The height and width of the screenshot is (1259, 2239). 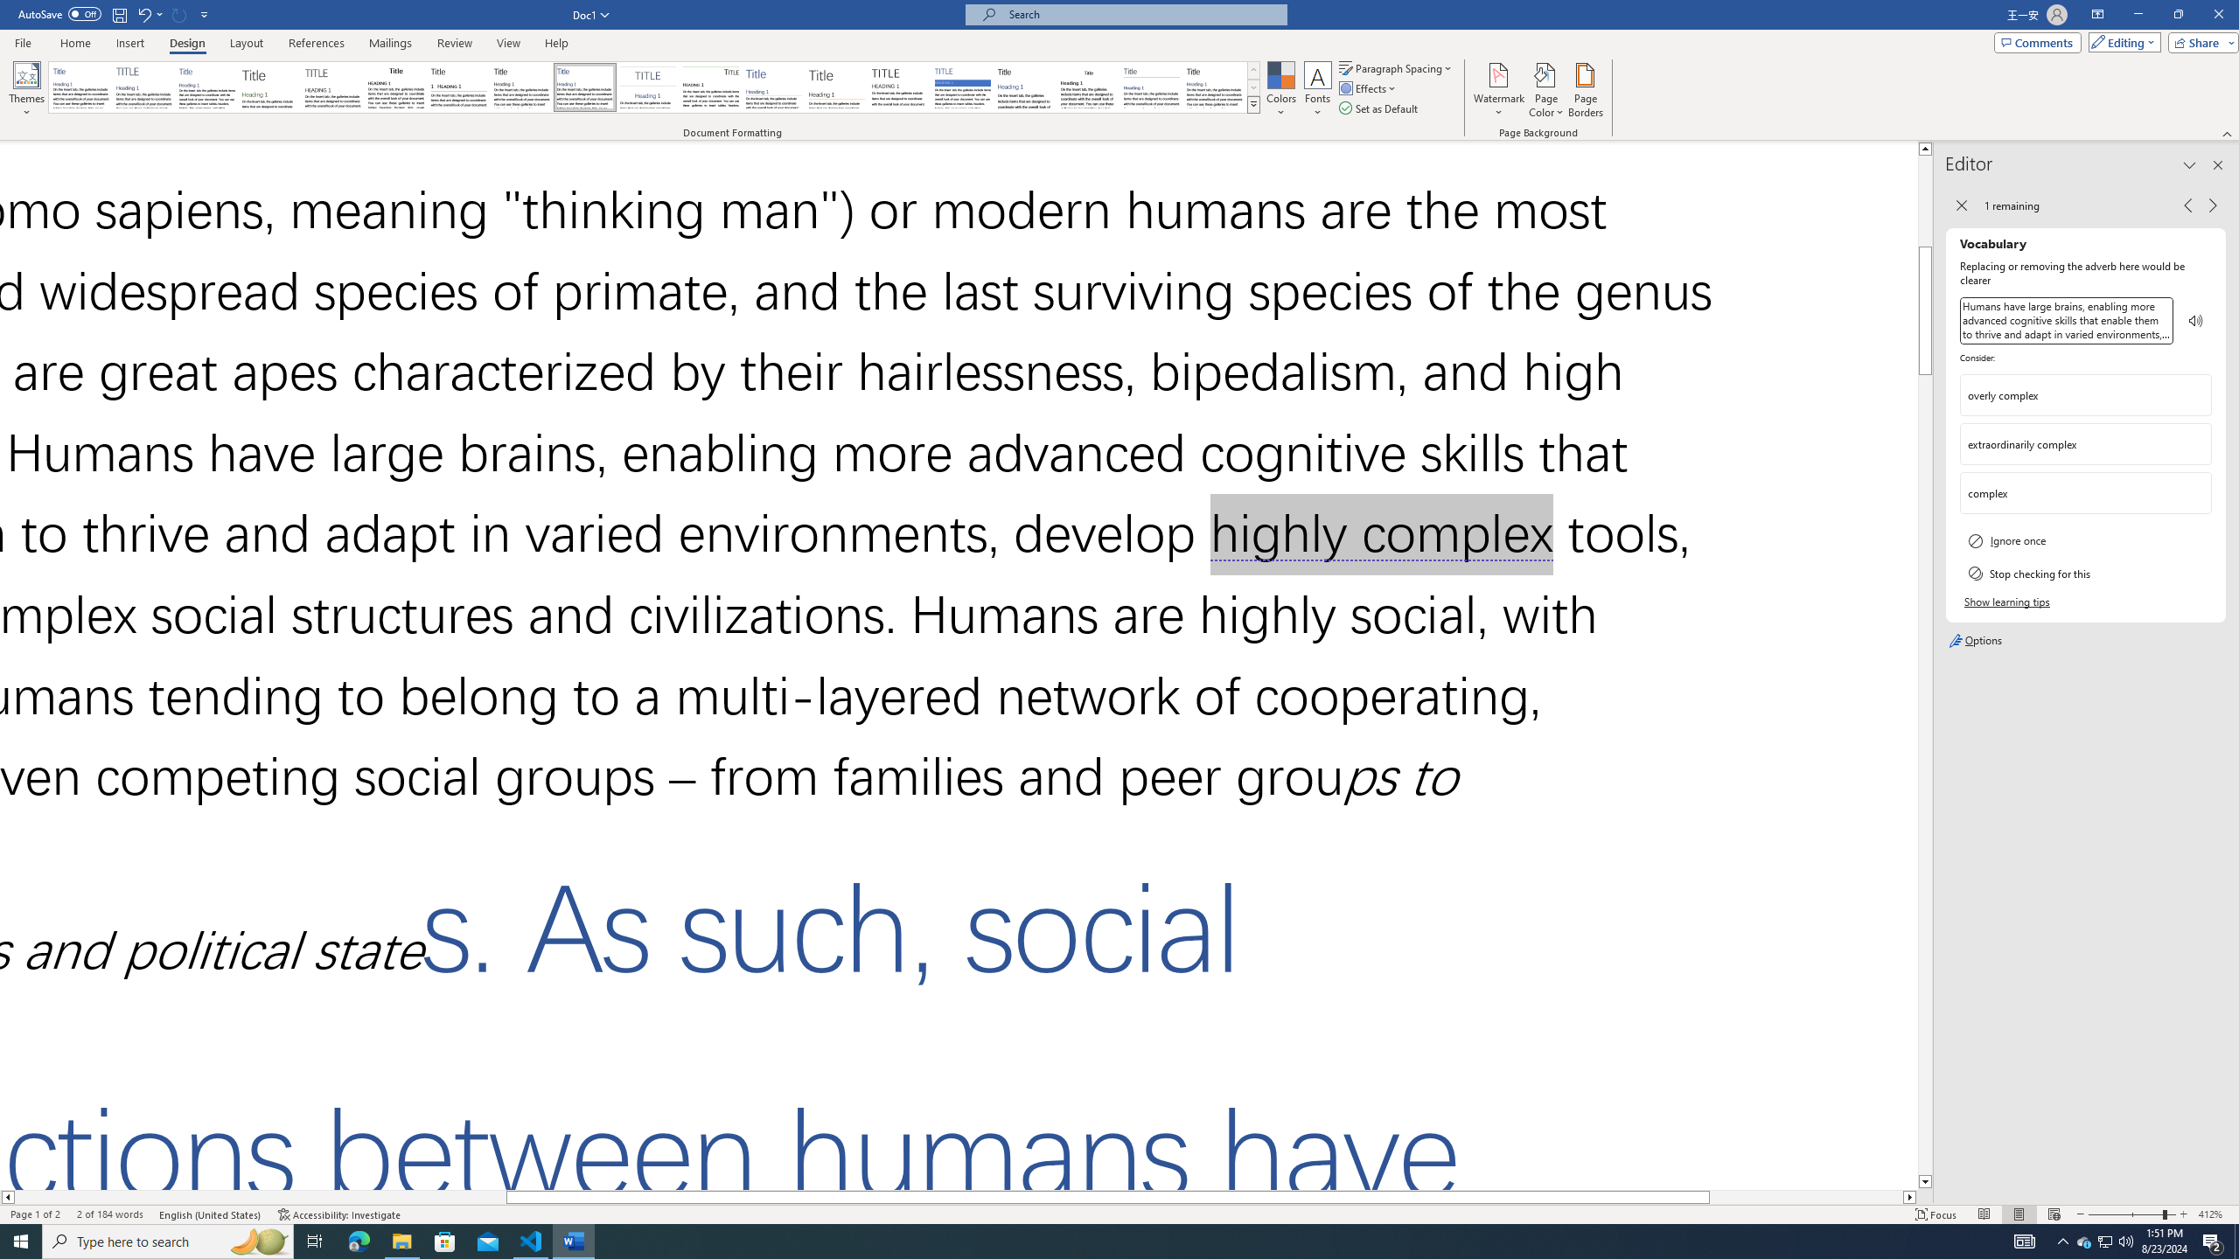 I want to click on 'Black & White (Classic)', so click(x=395, y=87).